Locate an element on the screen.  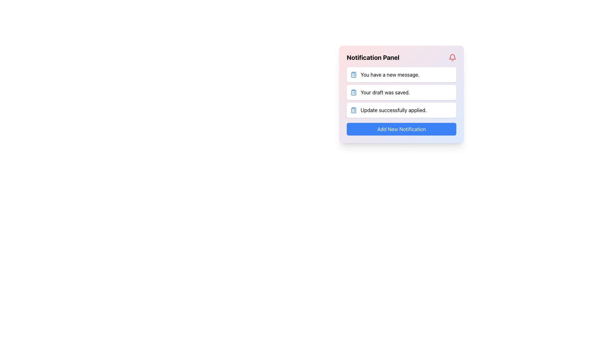
text displayed in the notification panel that says 'You have a new message.' is located at coordinates (390, 74).